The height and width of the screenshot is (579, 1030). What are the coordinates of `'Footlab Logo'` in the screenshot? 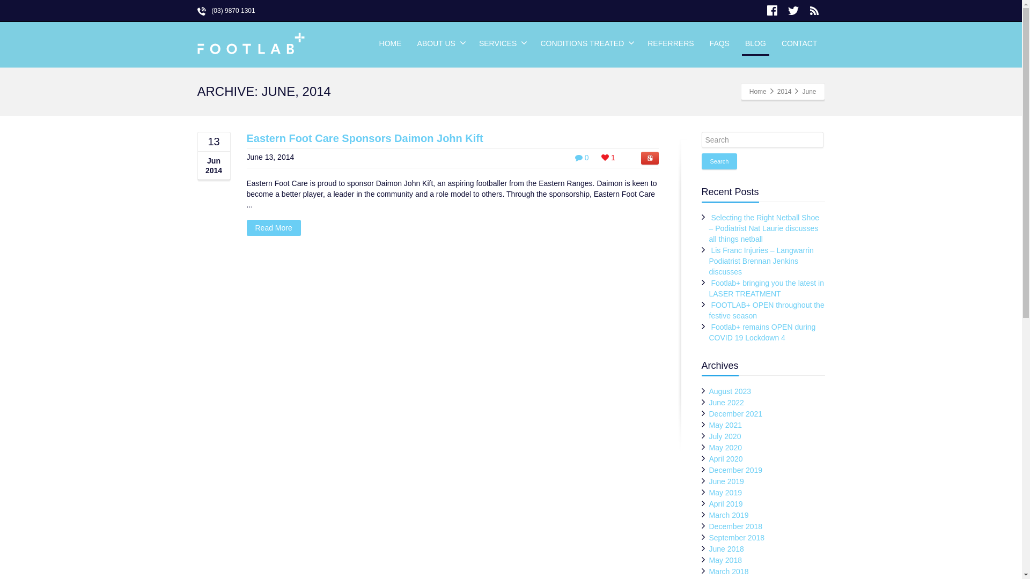 It's located at (251, 44).